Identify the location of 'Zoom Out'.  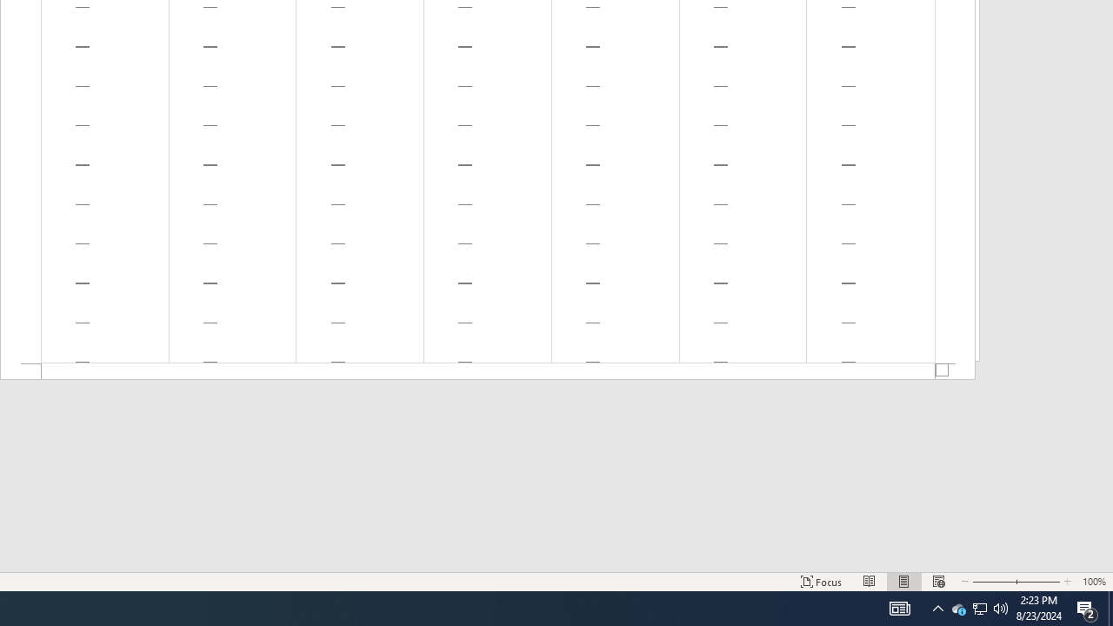
(994, 582).